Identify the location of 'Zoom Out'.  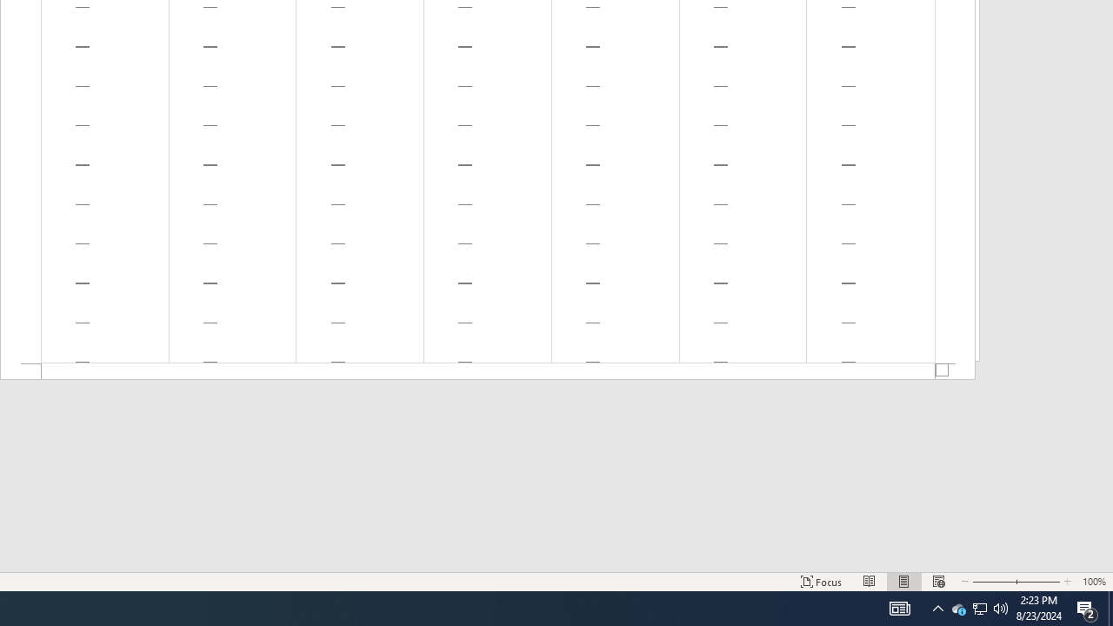
(994, 582).